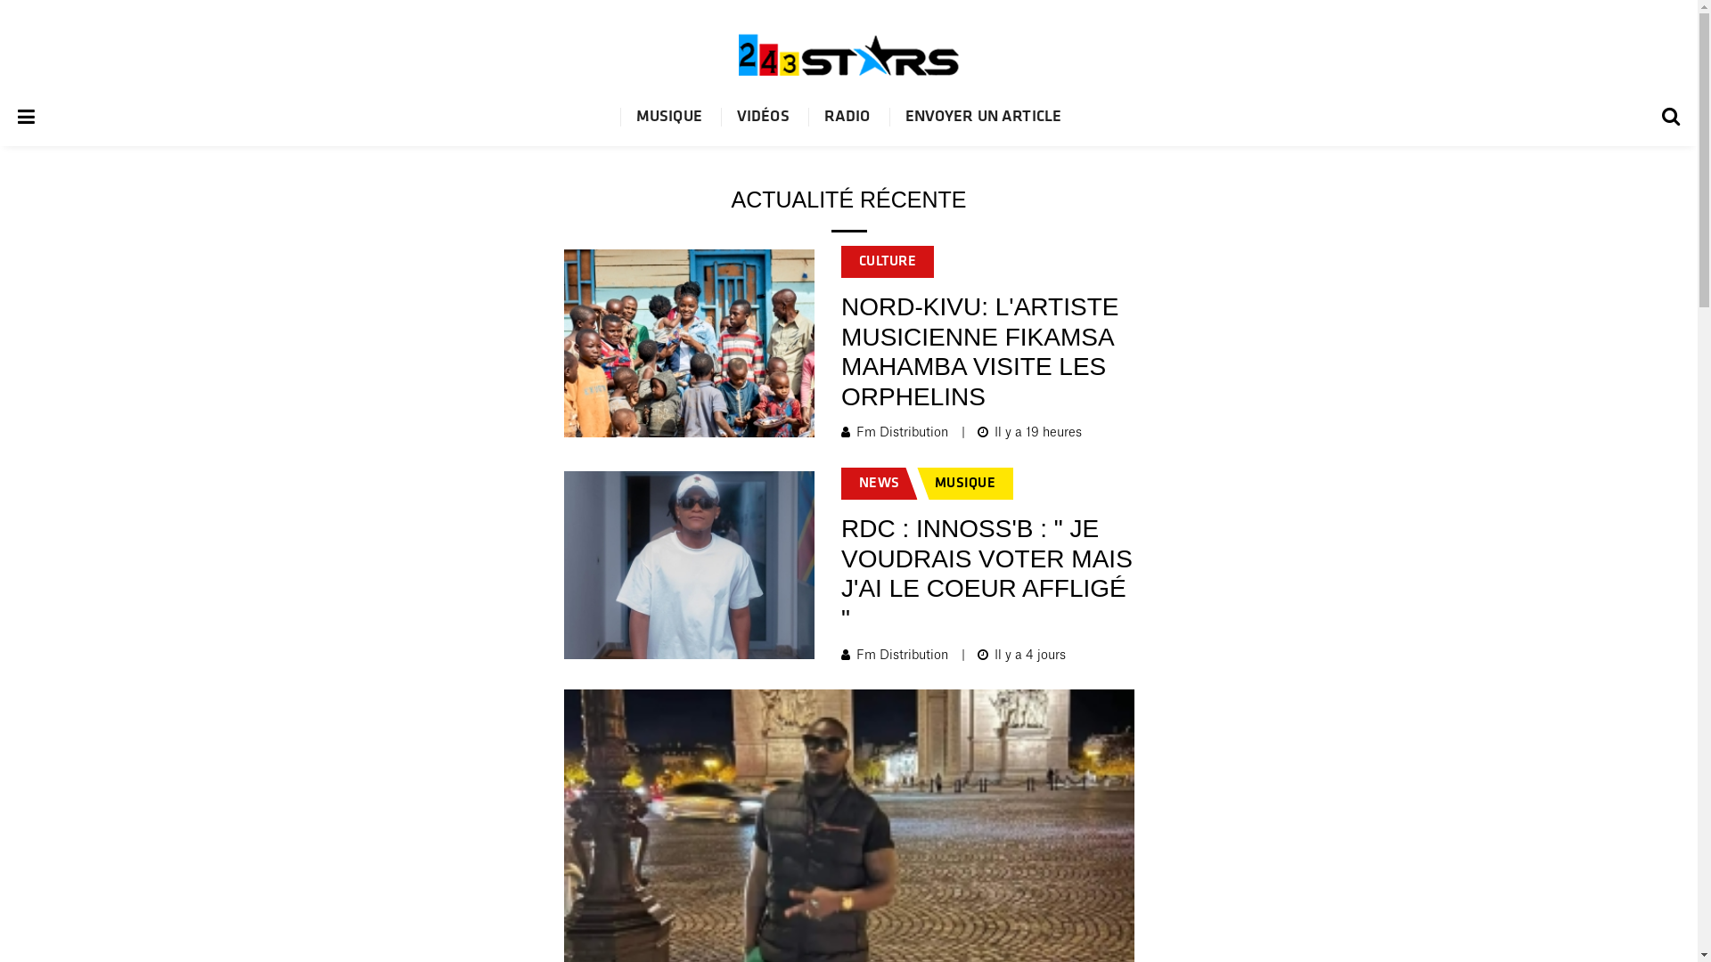 This screenshot has height=962, width=1711. What do you see at coordinates (667, 117) in the screenshot?
I see `'MUSIQUE'` at bounding box center [667, 117].